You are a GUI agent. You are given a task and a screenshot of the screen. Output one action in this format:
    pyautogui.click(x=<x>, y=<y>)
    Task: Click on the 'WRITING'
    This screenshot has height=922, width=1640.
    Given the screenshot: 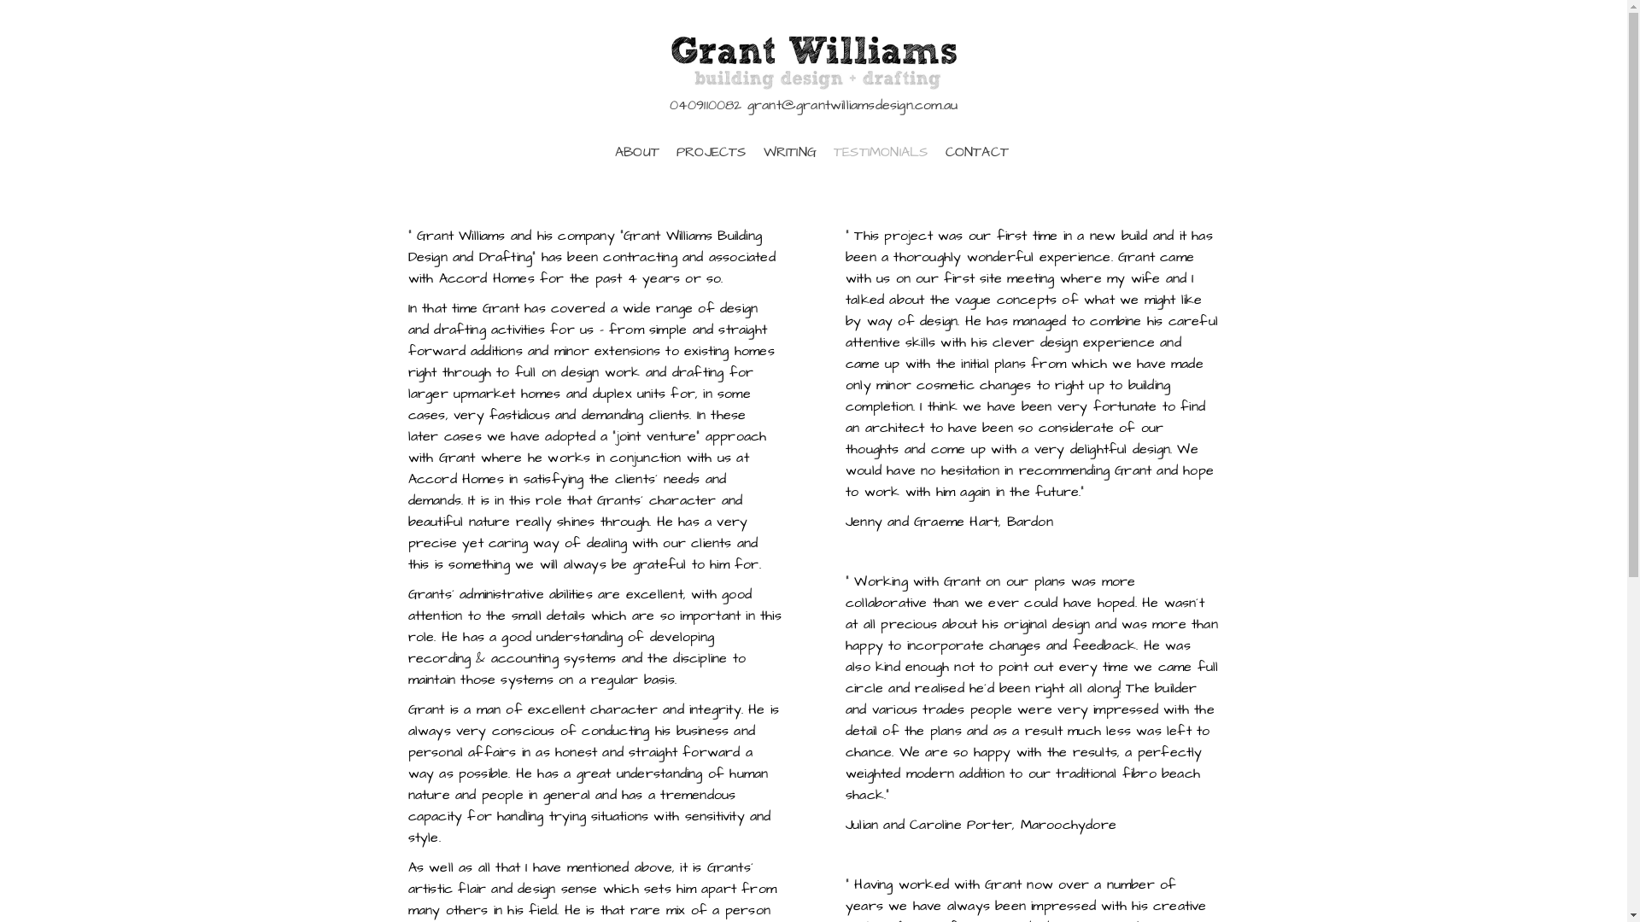 What is the action you would take?
    pyautogui.click(x=789, y=151)
    